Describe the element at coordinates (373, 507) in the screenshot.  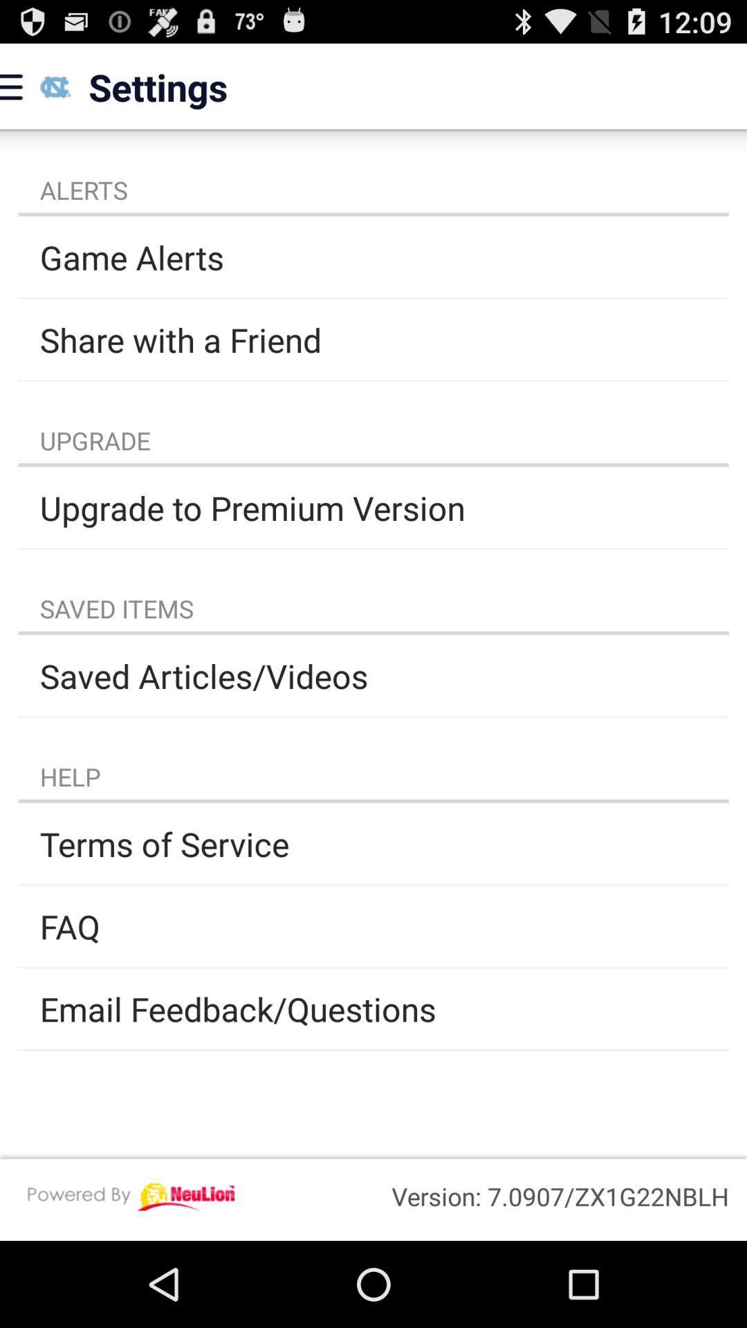
I see `upgrade to premium item` at that location.